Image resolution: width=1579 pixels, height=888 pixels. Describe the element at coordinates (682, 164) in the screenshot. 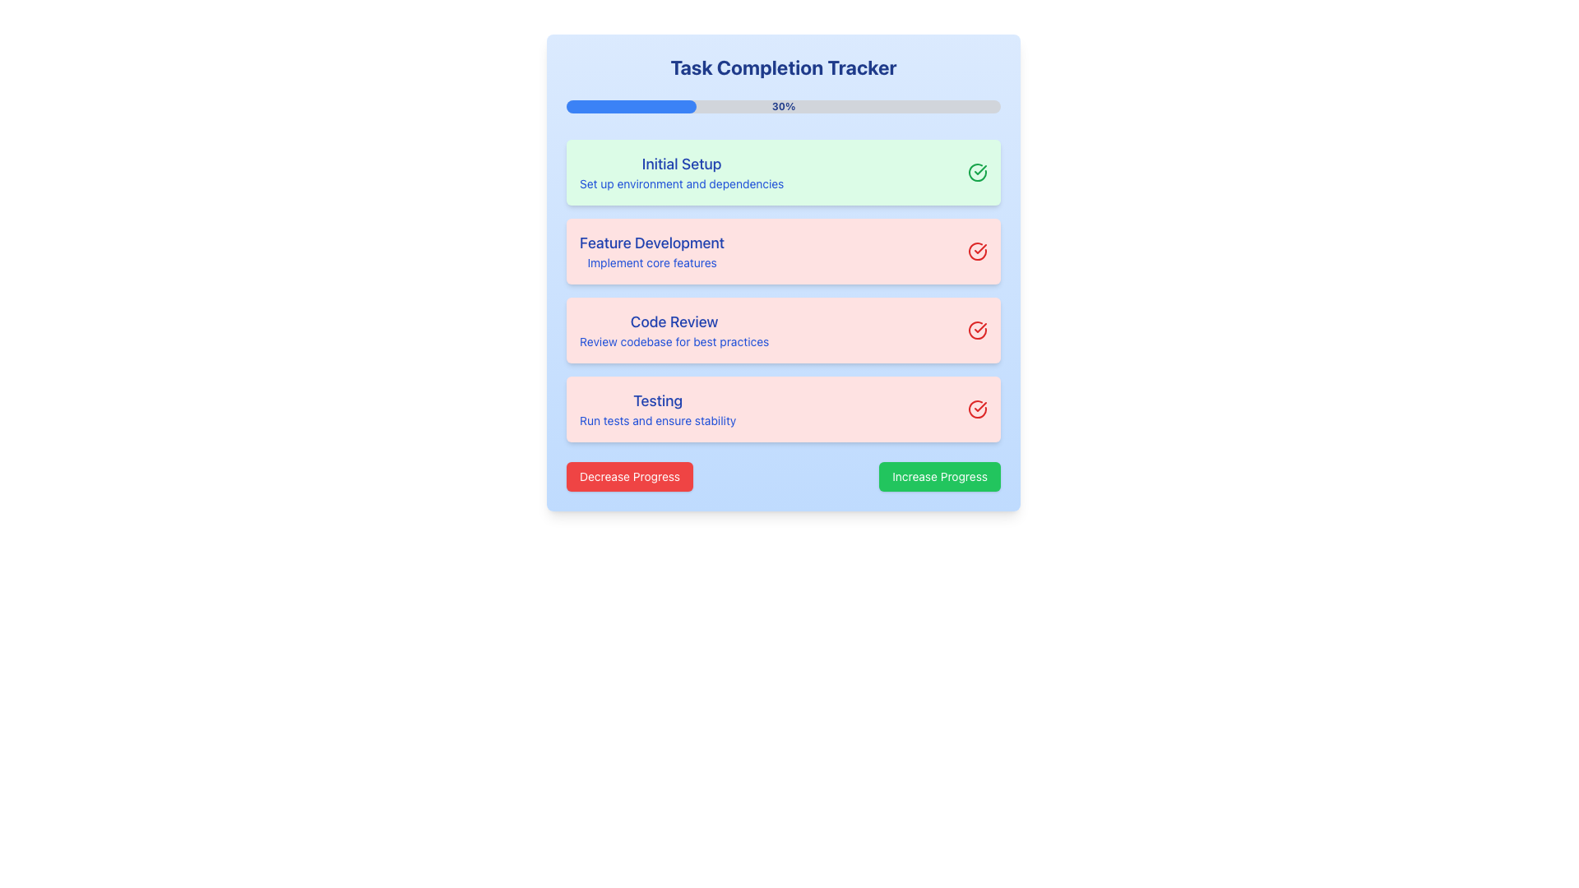

I see `the text label that serves as a header for the 'Initial Setup' section located at the top of the green section of the progress-tracking interface` at that location.